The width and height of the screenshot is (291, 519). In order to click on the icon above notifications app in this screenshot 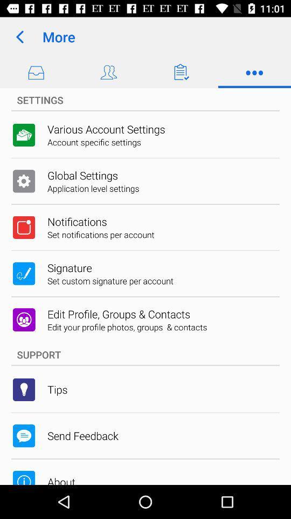, I will do `click(93, 188)`.